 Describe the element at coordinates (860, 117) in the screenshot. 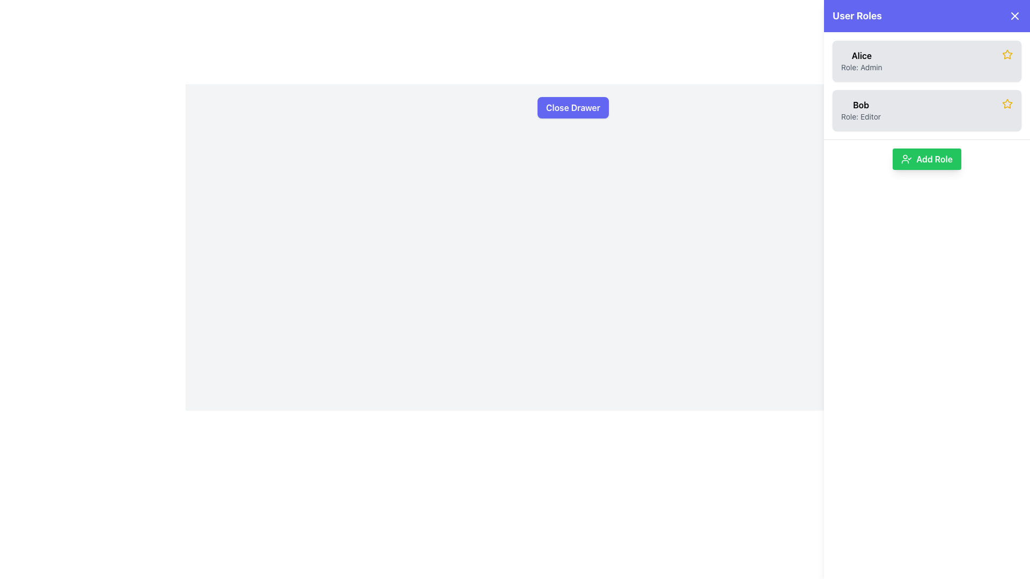

I see `information displayed in the text label that reads 'Role: Editor', which is located beneath the name 'Bob' in the 'User Roles' panel` at that location.